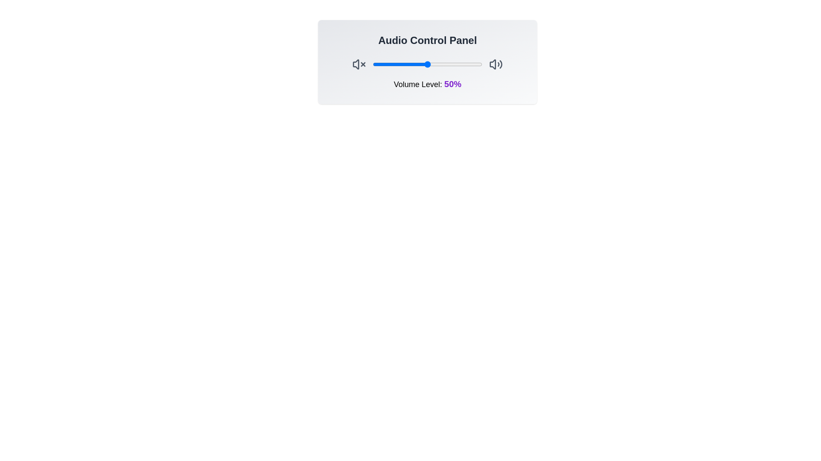 This screenshot has width=821, height=461. Describe the element at coordinates (359, 64) in the screenshot. I see `the mute/unmute icon button, which resembles a speaker with an 'X' mark and is located on the leftmost side of the audio control panel` at that location.